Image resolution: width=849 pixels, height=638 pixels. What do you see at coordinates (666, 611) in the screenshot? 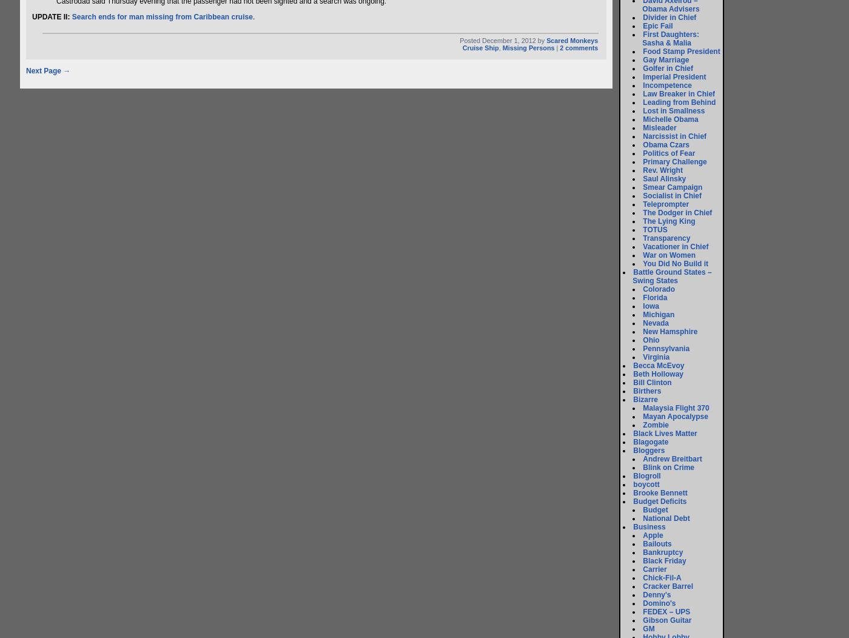
I see `'FEDEX – UPS'` at bounding box center [666, 611].